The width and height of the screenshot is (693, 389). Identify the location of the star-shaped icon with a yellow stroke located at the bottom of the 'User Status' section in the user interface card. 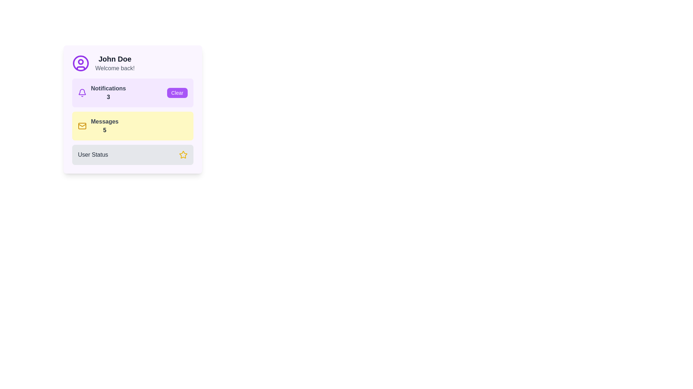
(183, 154).